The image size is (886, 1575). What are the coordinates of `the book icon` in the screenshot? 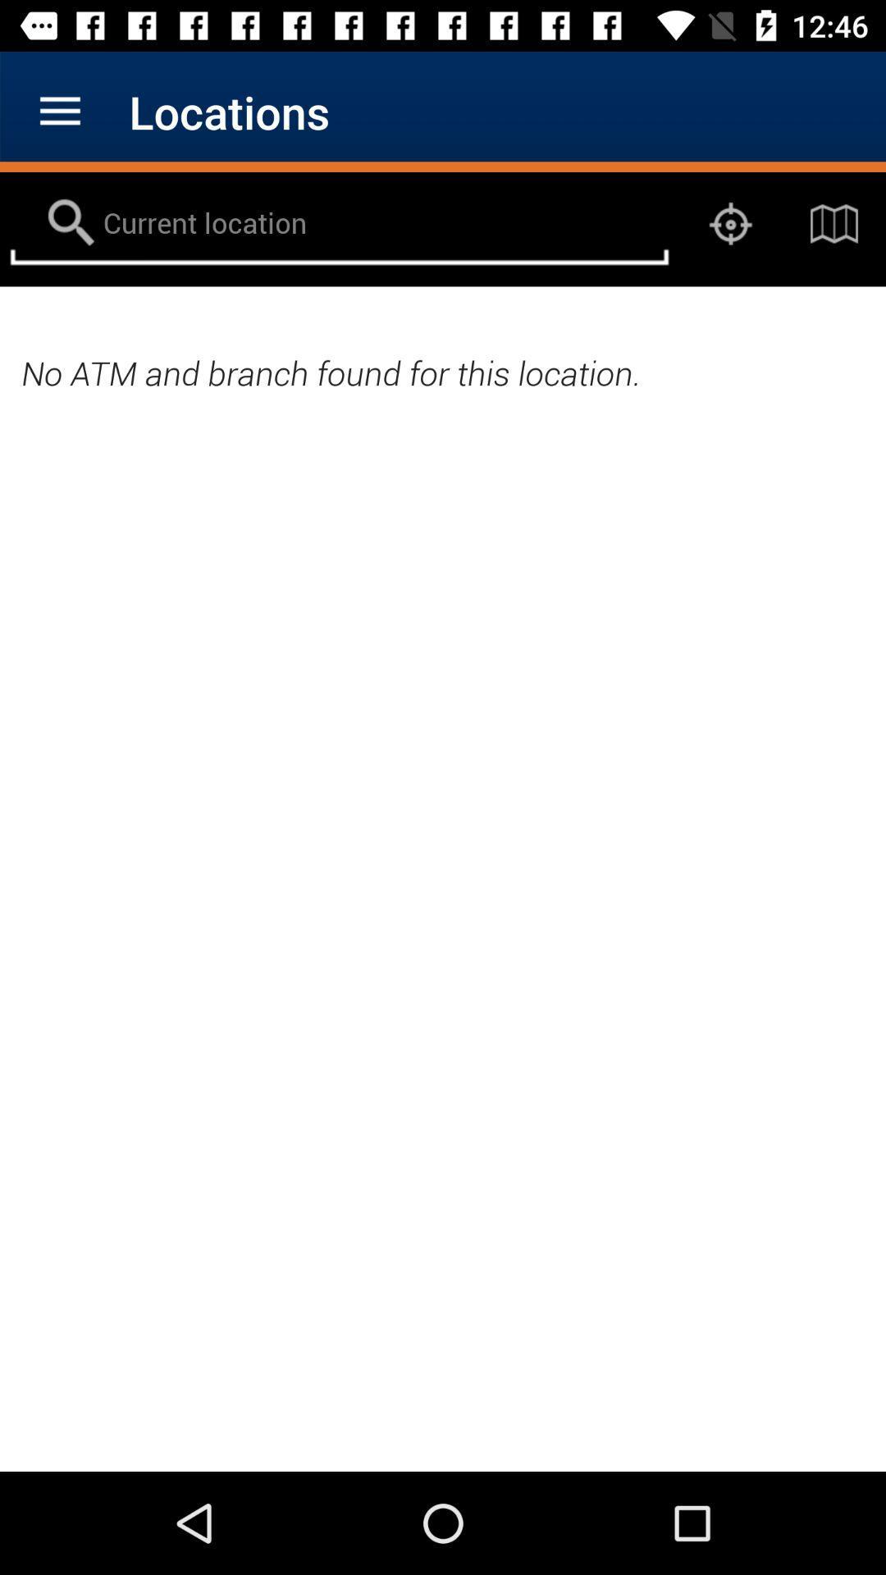 It's located at (834, 223).